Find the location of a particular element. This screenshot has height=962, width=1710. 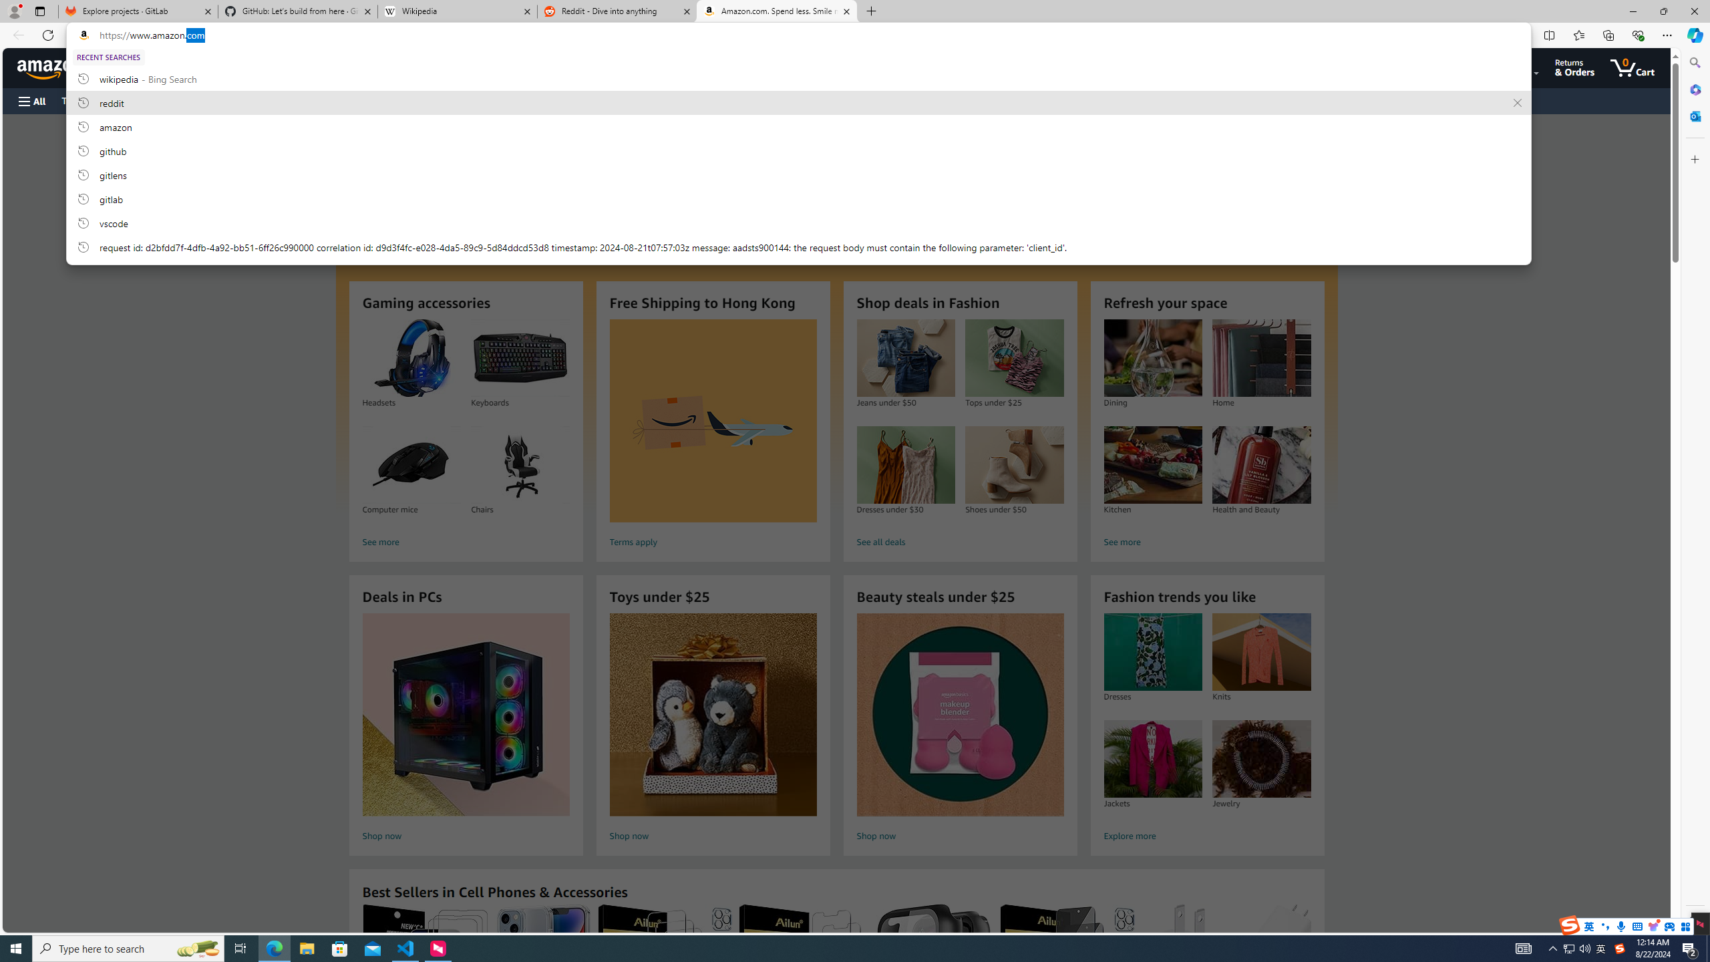

'Skip to main content' is located at coordinates (57, 66).